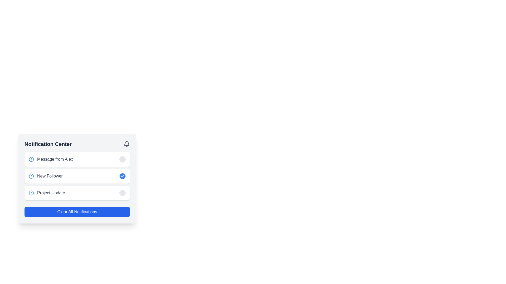  What do you see at coordinates (55, 159) in the screenshot?
I see `the text label styled with a gray font containing the text 'Message from Alex', located in the first notification item to the left of a circular icon` at bounding box center [55, 159].